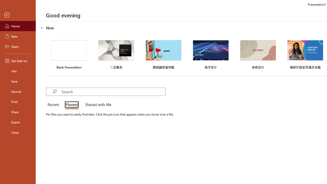  Describe the element at coordinates (69, 54) in the screenshot. I see `'Blank Presentation'` at that location.